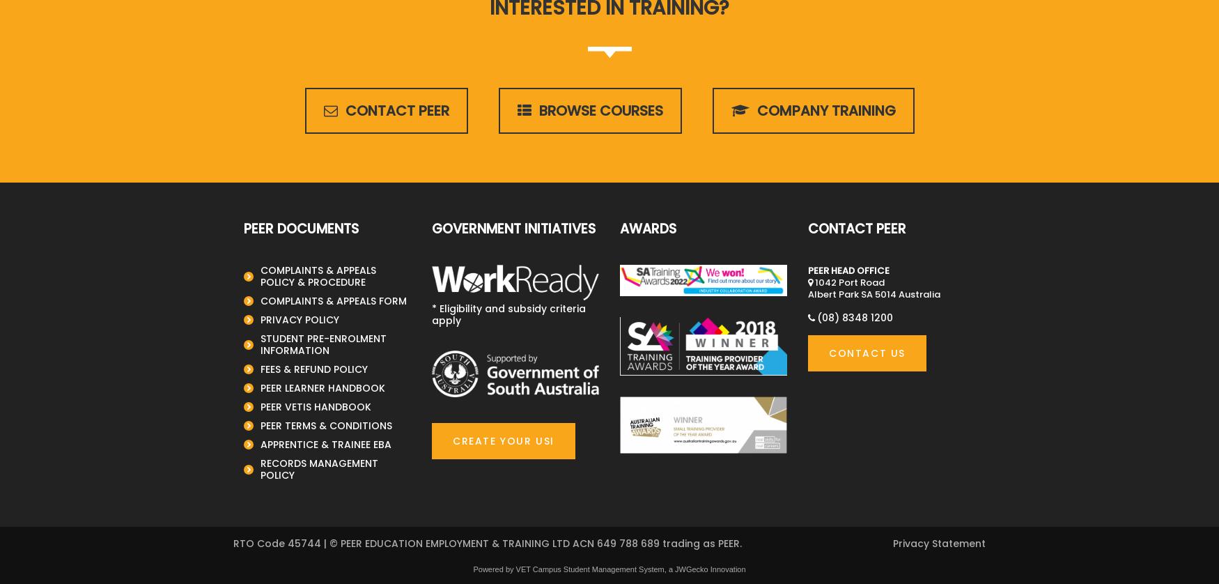 The image size is (1219, 584). I want to click on 'Browse Courses', so click(598, 109).